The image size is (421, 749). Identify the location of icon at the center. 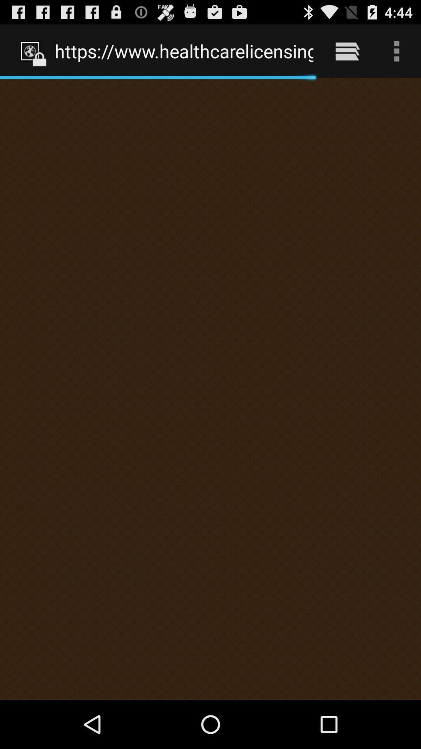
(210, 389).